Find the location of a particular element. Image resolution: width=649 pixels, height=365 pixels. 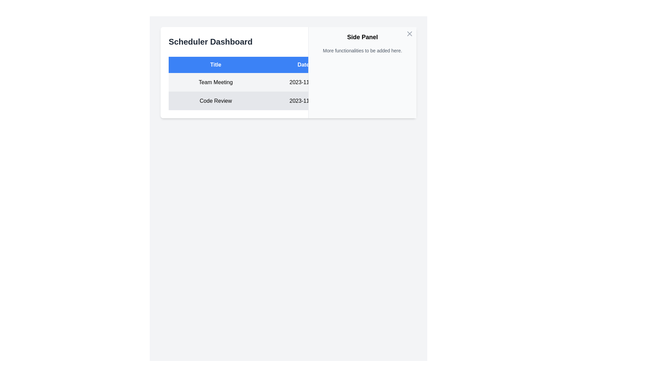

the close button (styled with a gray 'X' icon) located in the top-right corner of the side panel is located at coordinates (409, 34).